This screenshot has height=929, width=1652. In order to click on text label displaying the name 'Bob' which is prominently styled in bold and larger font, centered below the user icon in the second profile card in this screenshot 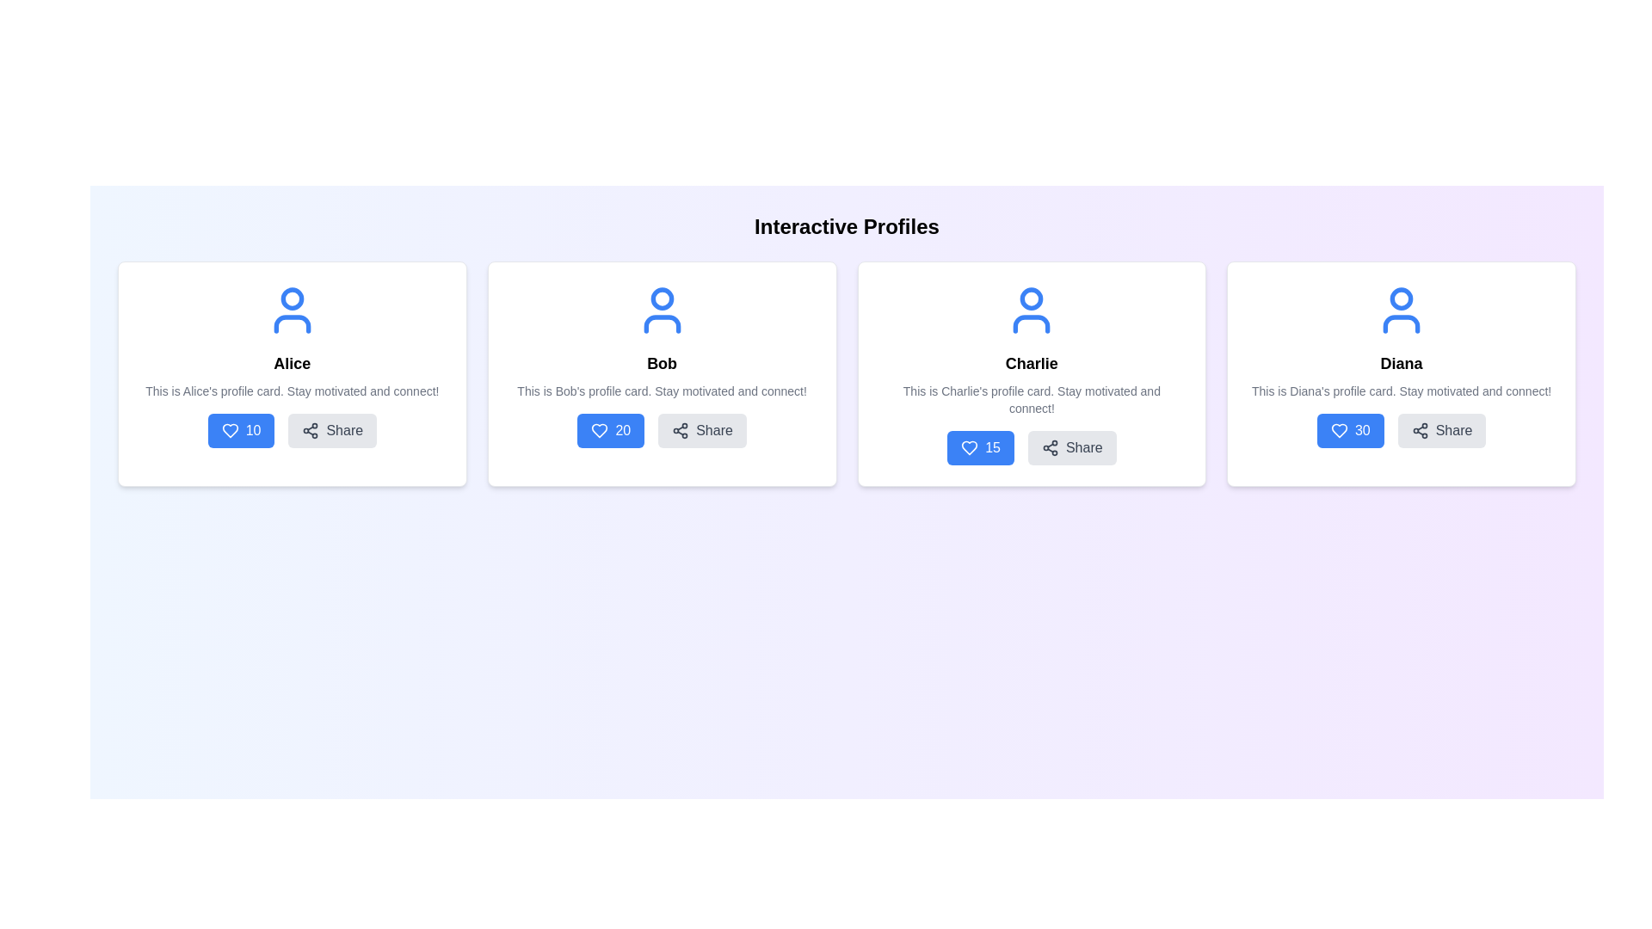, I will do `click(661, 363)`.